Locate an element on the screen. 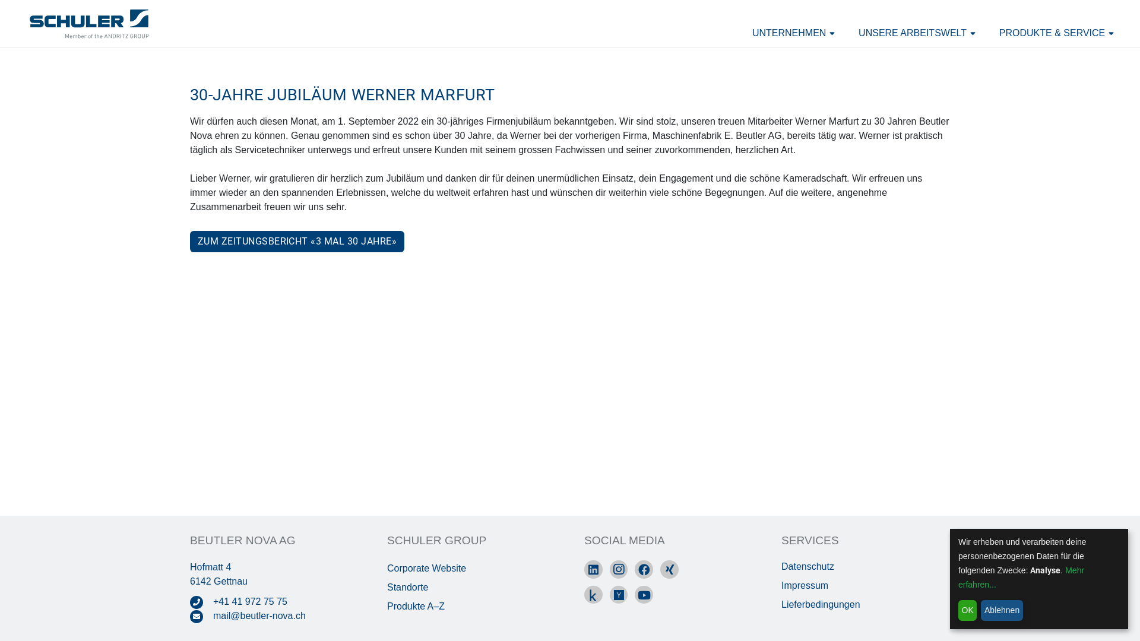 The height and width of the screenshot is (641, 1140). 'mail@beutler-nova.ch' is located at coordinates (258, 615).